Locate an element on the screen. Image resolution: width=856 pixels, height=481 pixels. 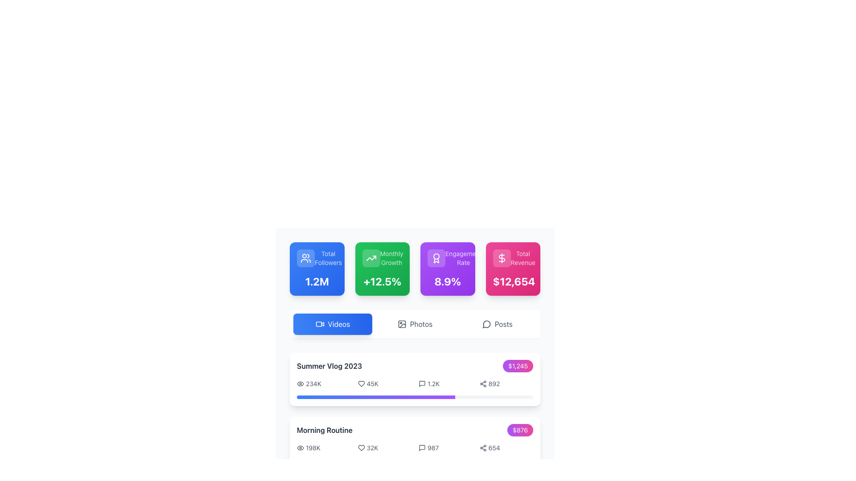
the '45K' text label, which is in gray color and located in the 'Summer Vlog 2023' section, to associate the displayed count with the respective interaction is located at coordinates (372, 383).